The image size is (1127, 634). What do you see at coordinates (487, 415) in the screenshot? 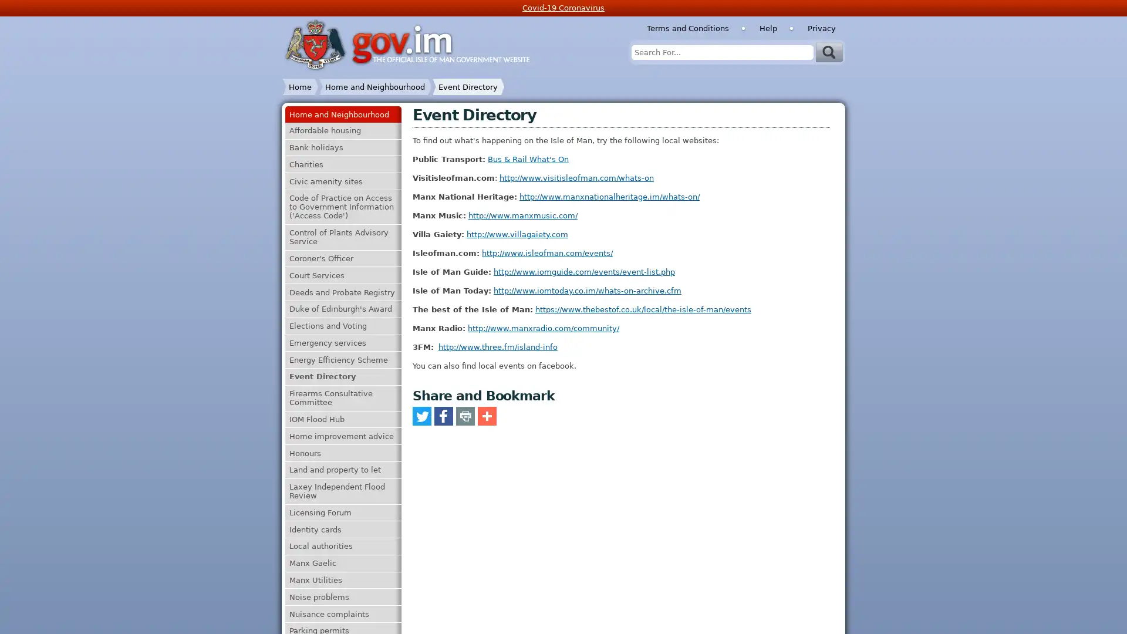
I see `Share to More` at bounding box center [487, 415].